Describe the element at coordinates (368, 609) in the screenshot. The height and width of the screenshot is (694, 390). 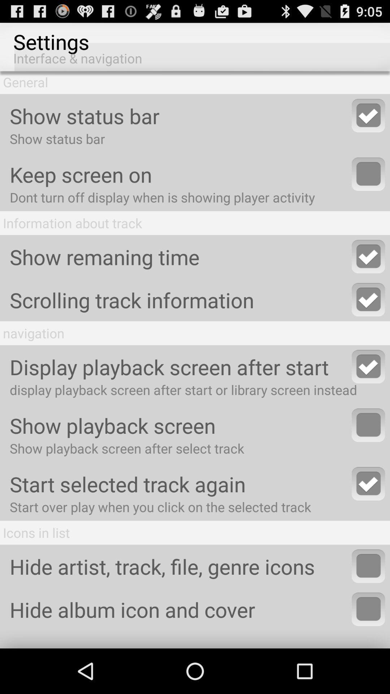
I see `check box to hide album incon and cover` at that location.